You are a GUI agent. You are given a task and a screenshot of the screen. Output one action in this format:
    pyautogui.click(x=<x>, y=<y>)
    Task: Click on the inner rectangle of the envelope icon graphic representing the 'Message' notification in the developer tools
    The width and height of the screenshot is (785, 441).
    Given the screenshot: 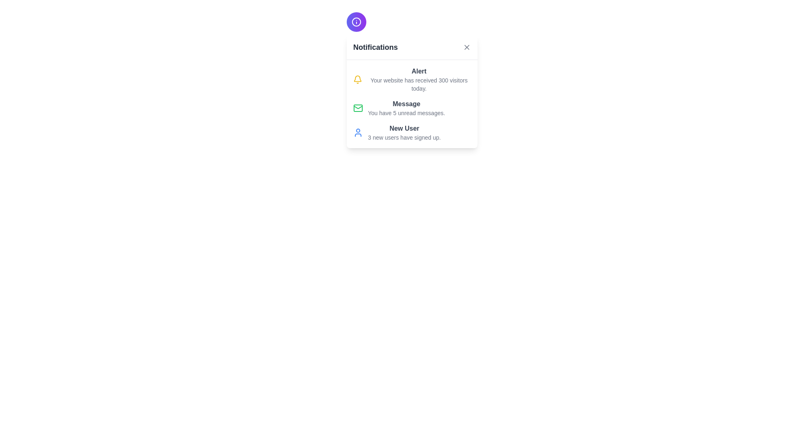 What is the action you would take?
    pyautogui.click(x=358, y=108)
    